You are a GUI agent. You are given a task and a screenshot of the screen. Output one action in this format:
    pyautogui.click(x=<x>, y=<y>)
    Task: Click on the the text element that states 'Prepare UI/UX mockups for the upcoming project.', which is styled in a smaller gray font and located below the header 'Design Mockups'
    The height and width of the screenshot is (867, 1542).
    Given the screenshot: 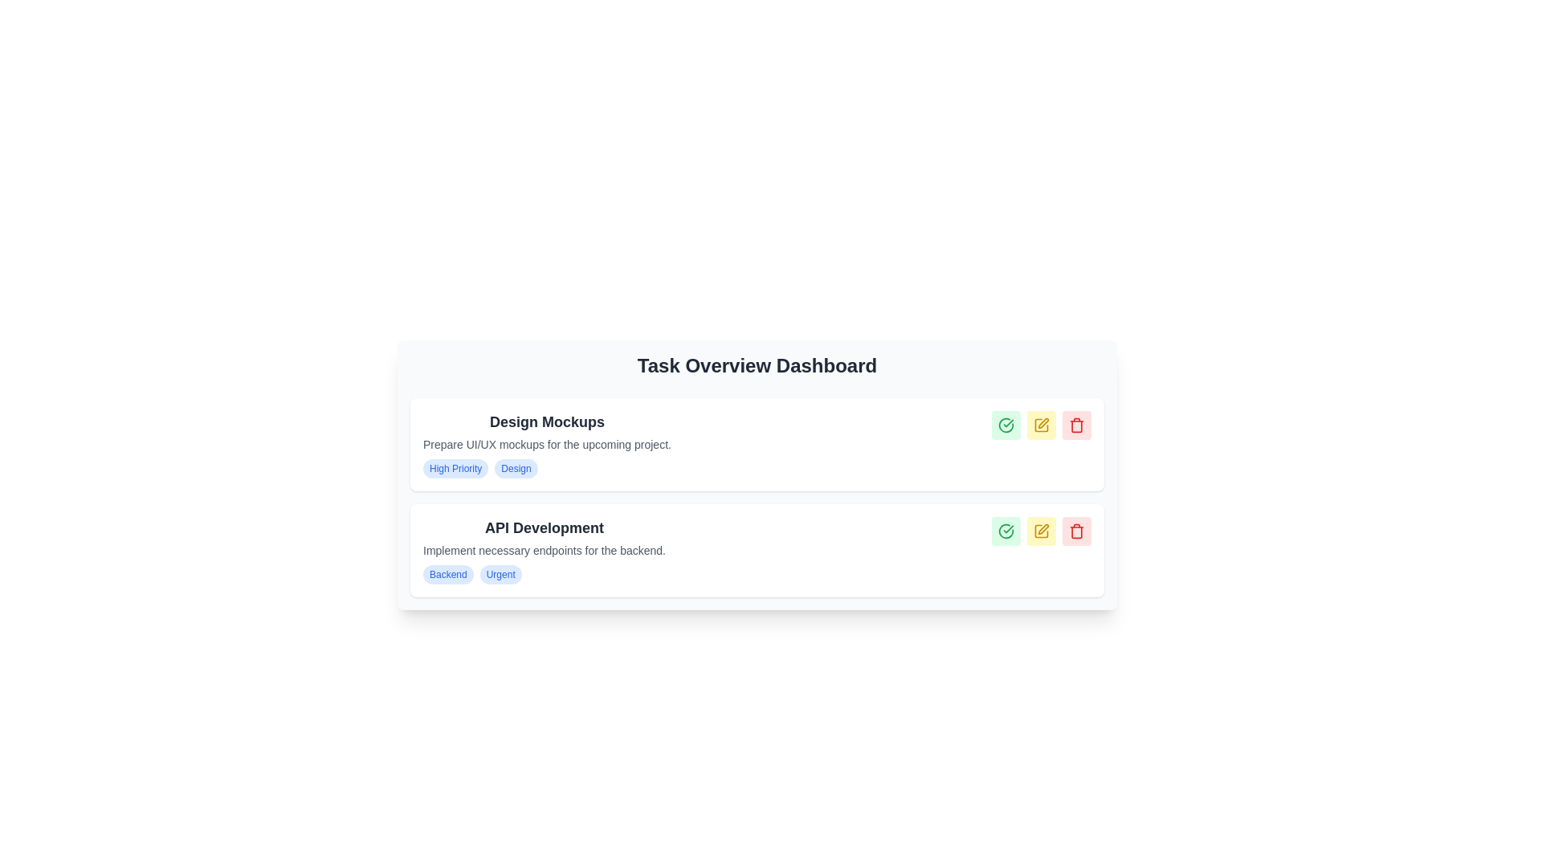 What is the action you would take?
    pyautogui.click(x=547, y=445)
    